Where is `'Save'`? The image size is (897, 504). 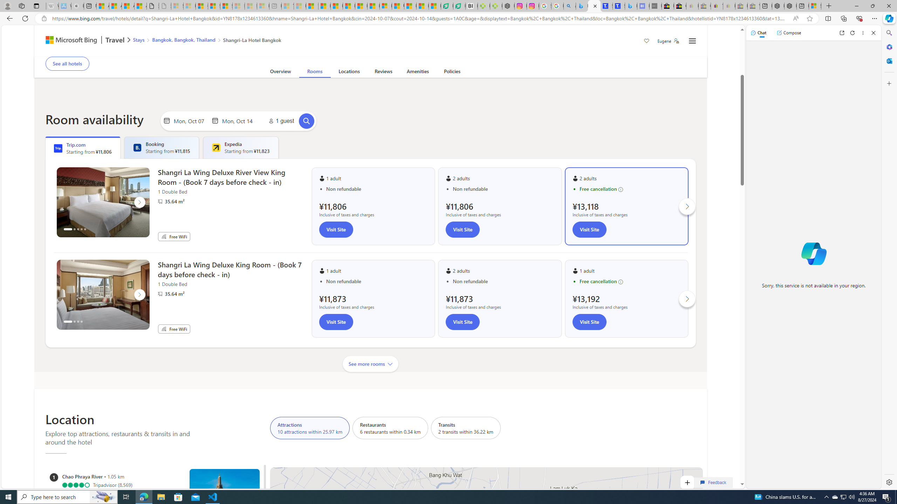
'Save' is located at coordinates (646, 41).